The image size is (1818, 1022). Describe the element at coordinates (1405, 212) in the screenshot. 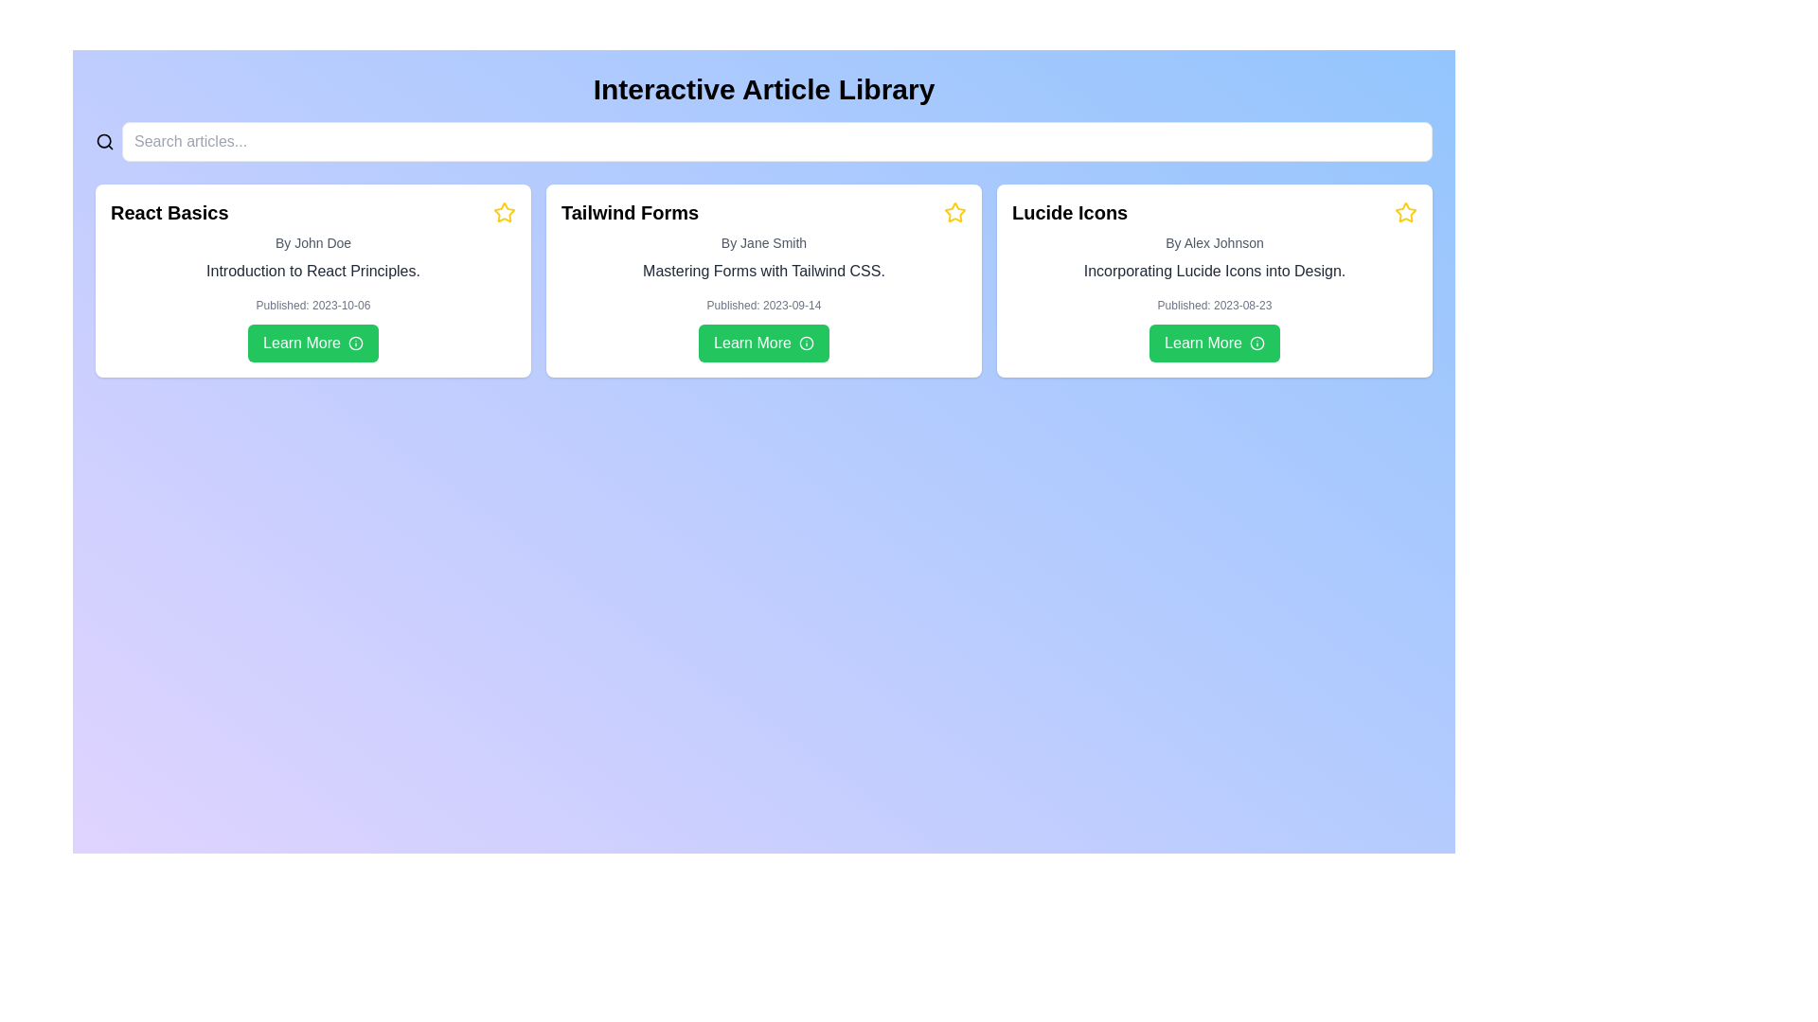

I see `the vibrant yellow star-shaped icon located at the upper-right corner of the 'Lucide Icons' card` at that location.